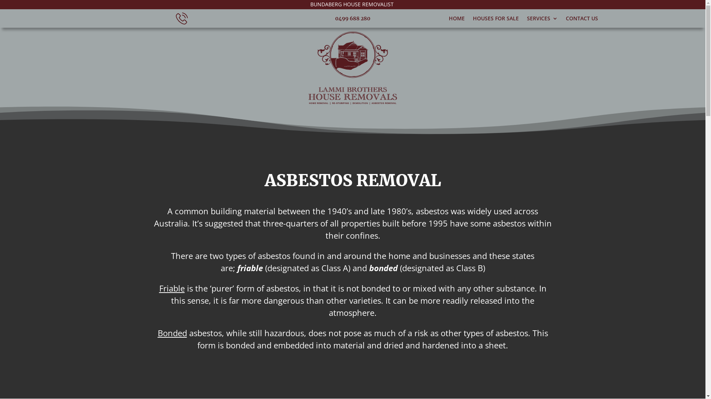 Image resolution: width=711 pixels, height=399 pixels. I want to click on 'Lammi Brothers Logo', so click(352, 68).